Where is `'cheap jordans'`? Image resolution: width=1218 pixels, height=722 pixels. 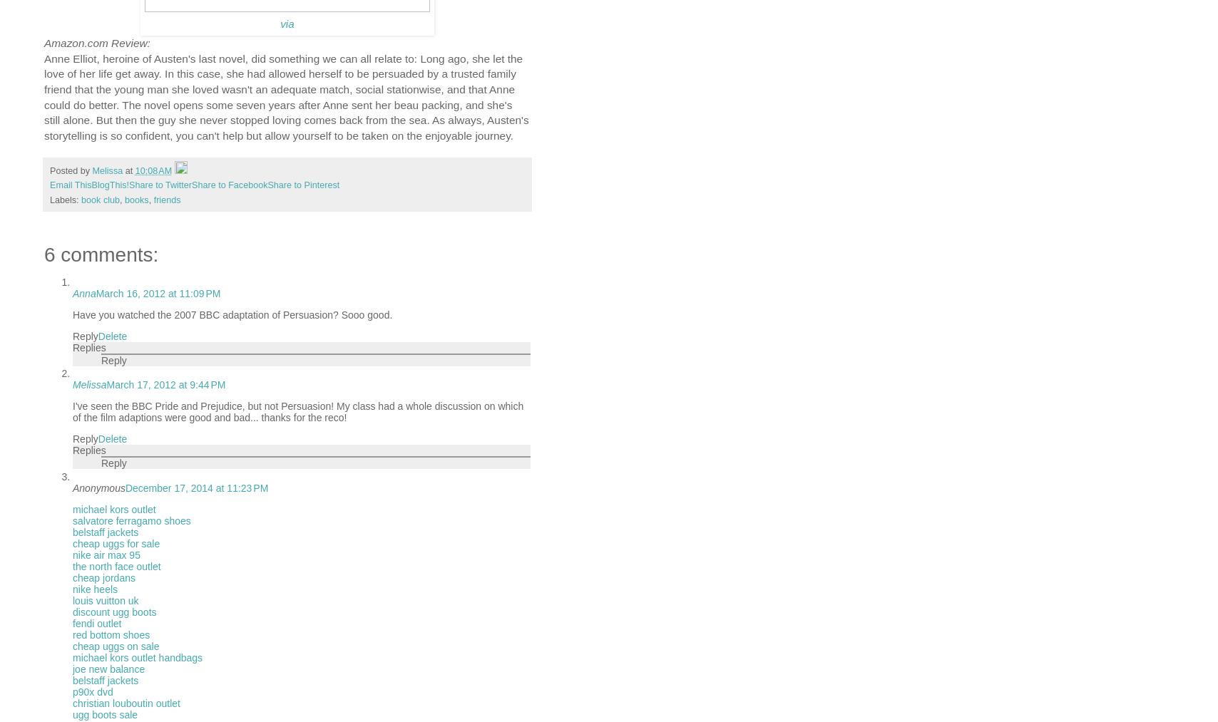
'cheap jordans' is located at coordinates (103, 577).